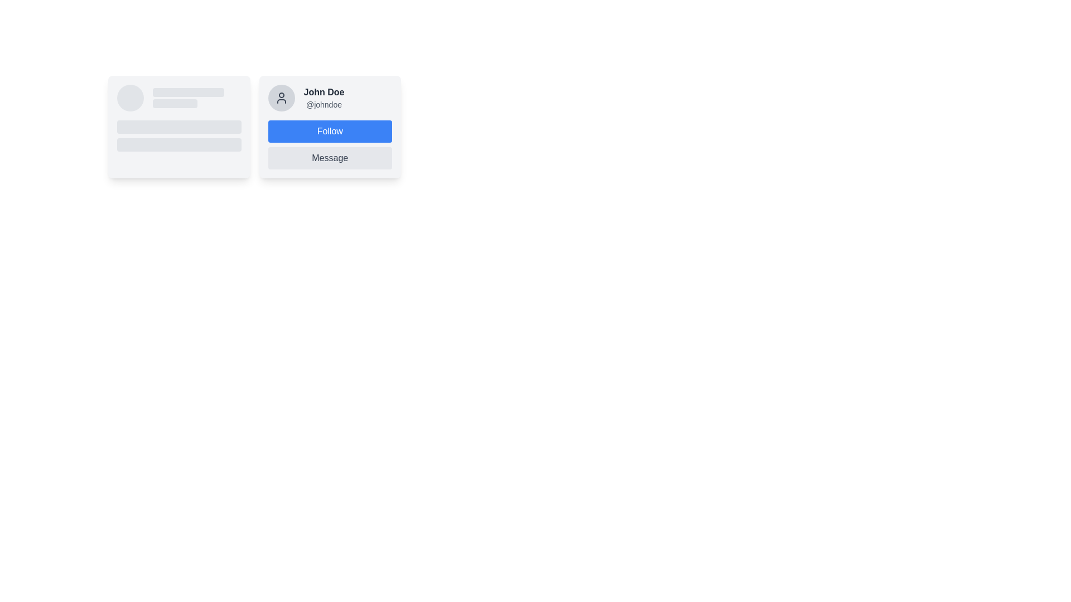 The height and width of the screenshot is (602, 1071). I want to click on the follow button located at the top right of the user profile section to follow the associated user, so click(329, 130).